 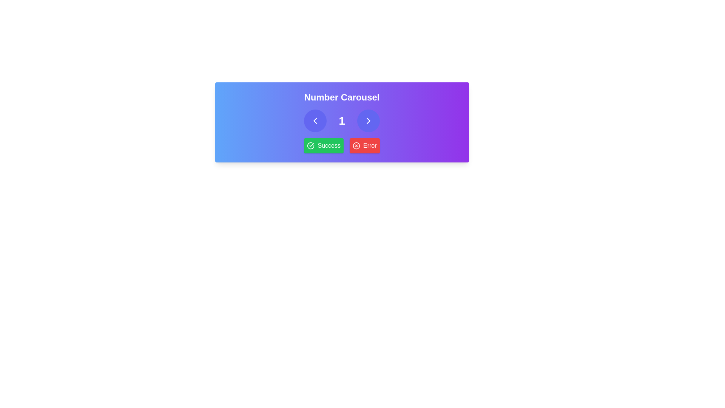 I want to click on the circular button with a transitioning indigo and violet background and a right-facing arrow icon, so click(x=368, y=121).